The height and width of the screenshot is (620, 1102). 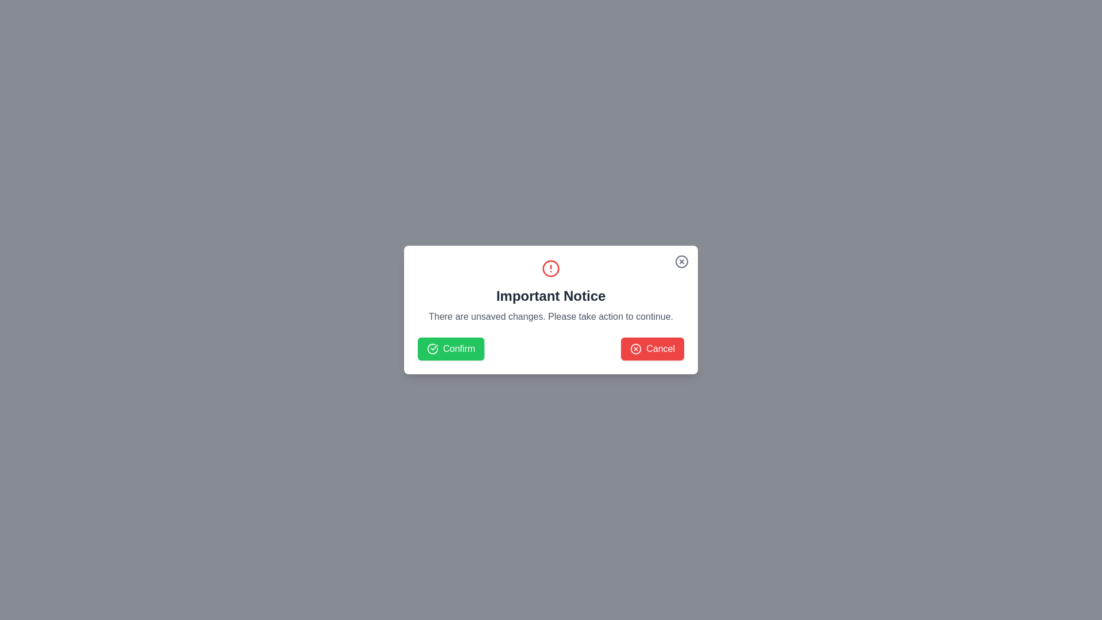 What do you see at coordinates (551, 316) in the screenshot?
I see `informational text that notifies the user about unsaved changes and suggests actions to proceed, located in the second line of the modal window beneath the 'Important Notice' title` at bounding box center [551, 316].